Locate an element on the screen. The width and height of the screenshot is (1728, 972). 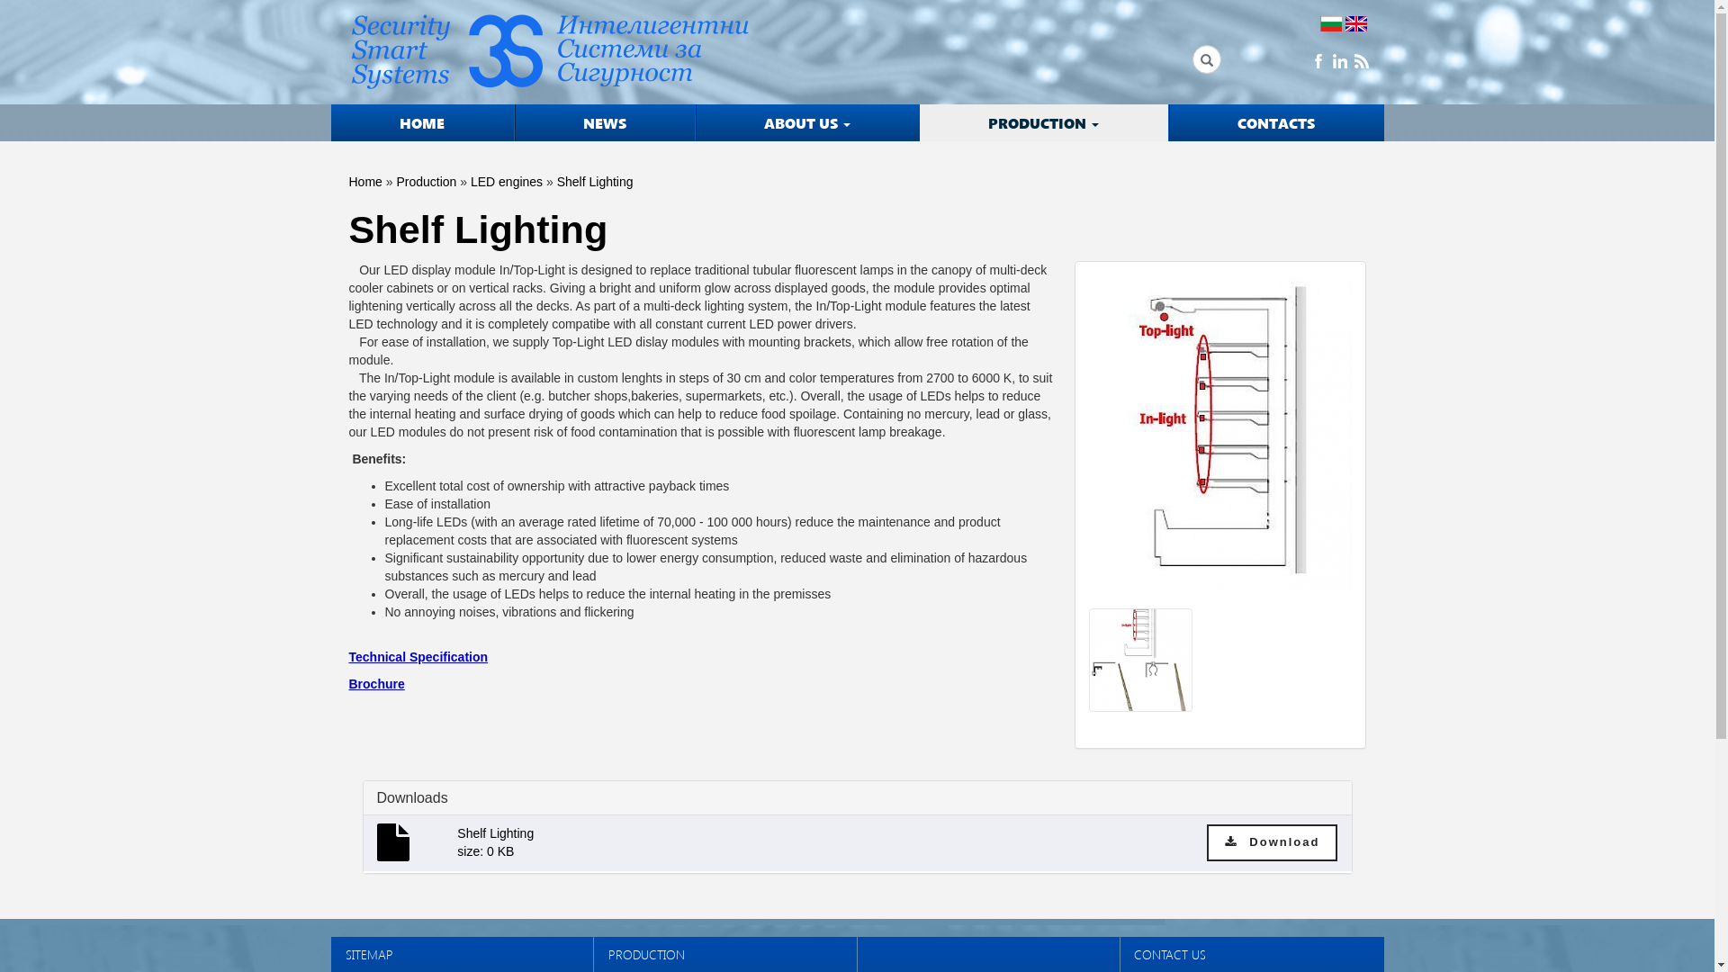
'Home' is located at coordinates (364, 181).